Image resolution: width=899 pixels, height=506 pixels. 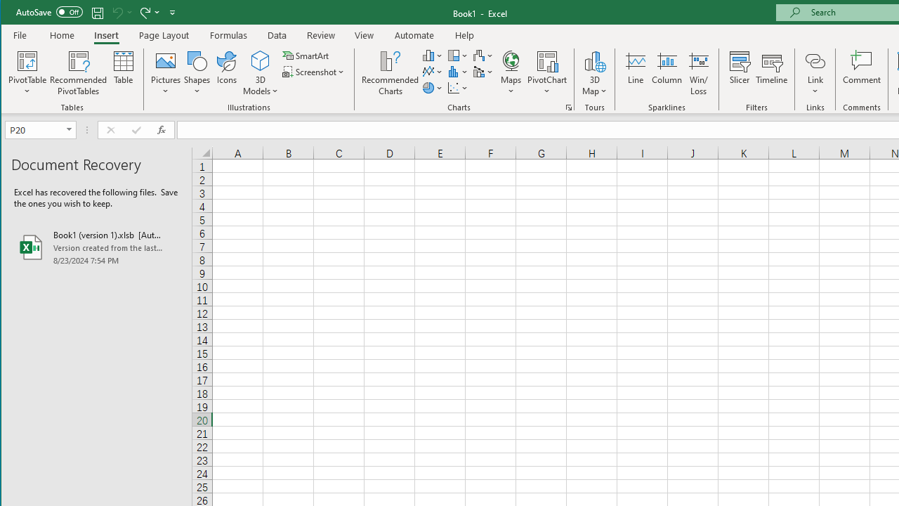 What do you see at coordinates (40, 130) in the screenshot?
I see `'Name Box'` at bounding box center [40, 130].